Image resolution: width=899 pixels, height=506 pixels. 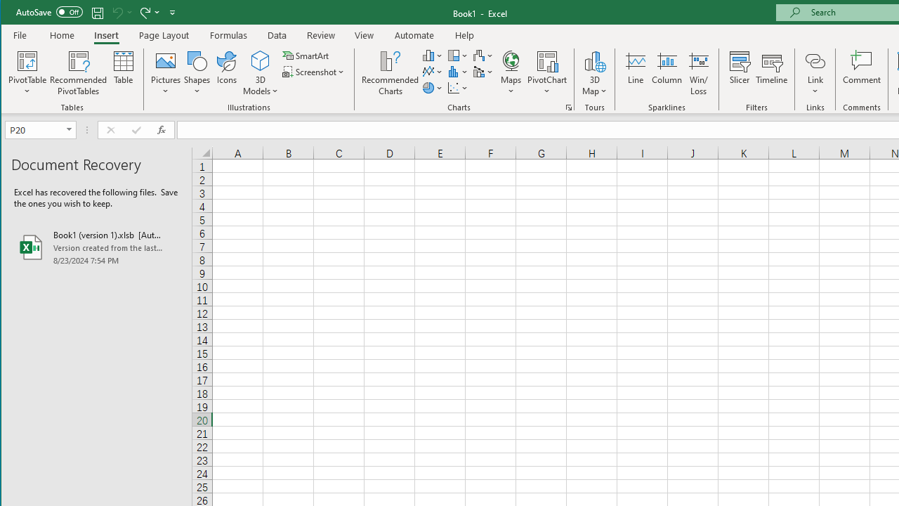 What do you see at coordinates (40, 130) in the screenshot?
I see `'Name Box'` at bounding box center [40, 130].